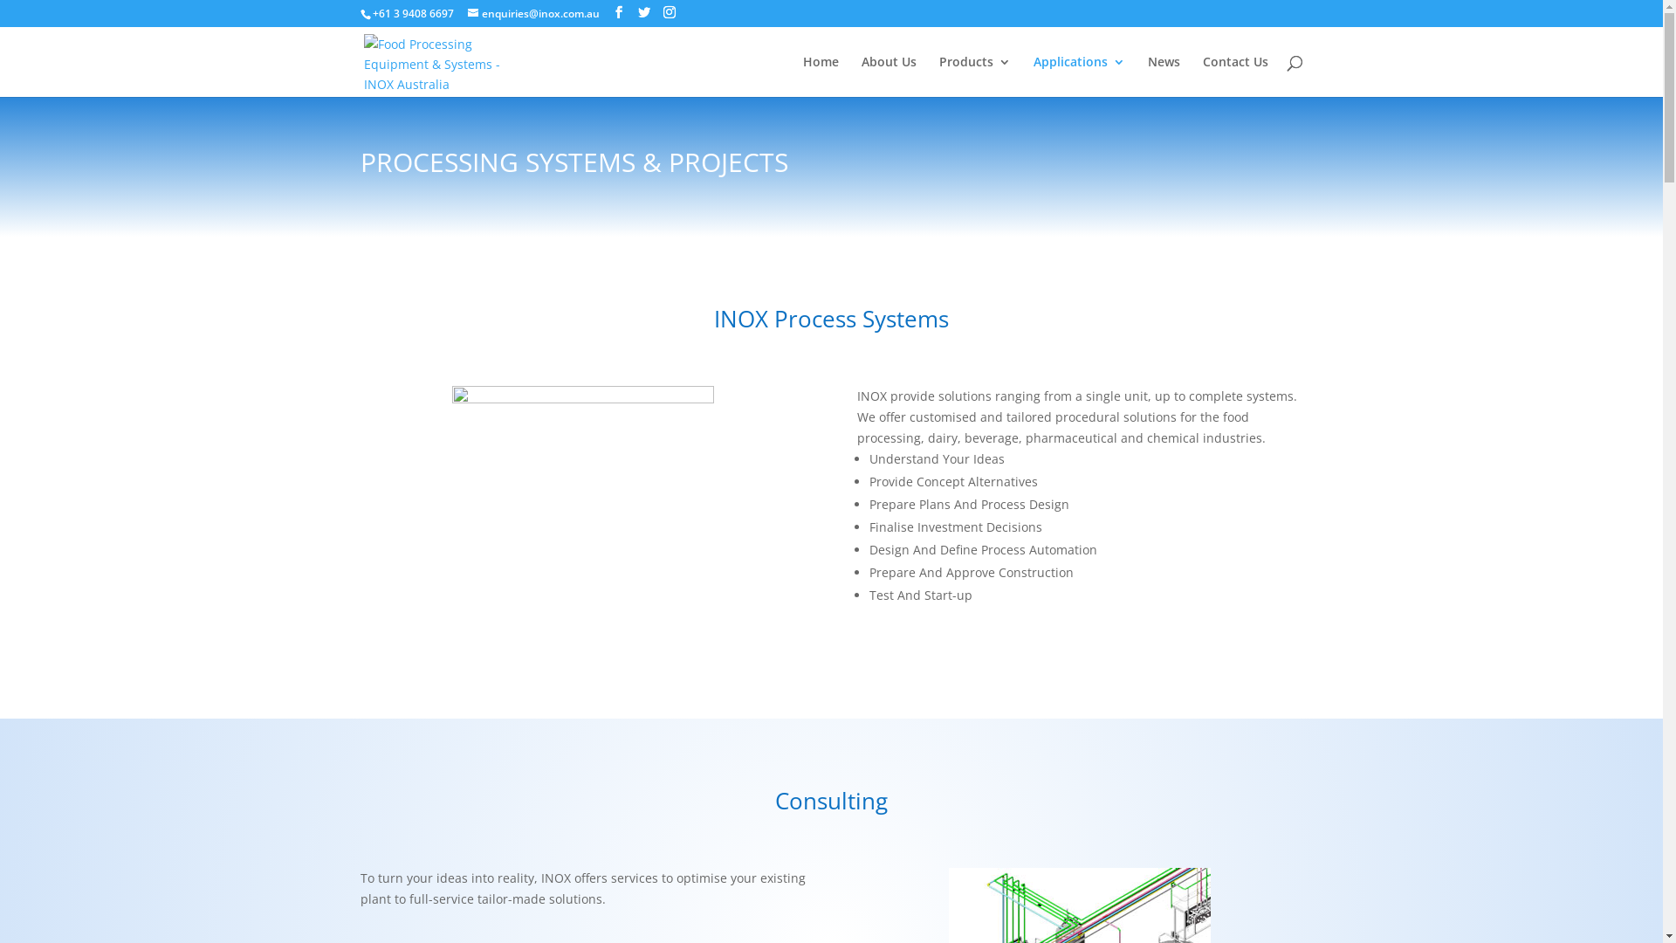  What do you see at coordinates (468, 13) in the screenshot?
I see `'enquiries@inox.com.au'` at bounding box center [468, 13].